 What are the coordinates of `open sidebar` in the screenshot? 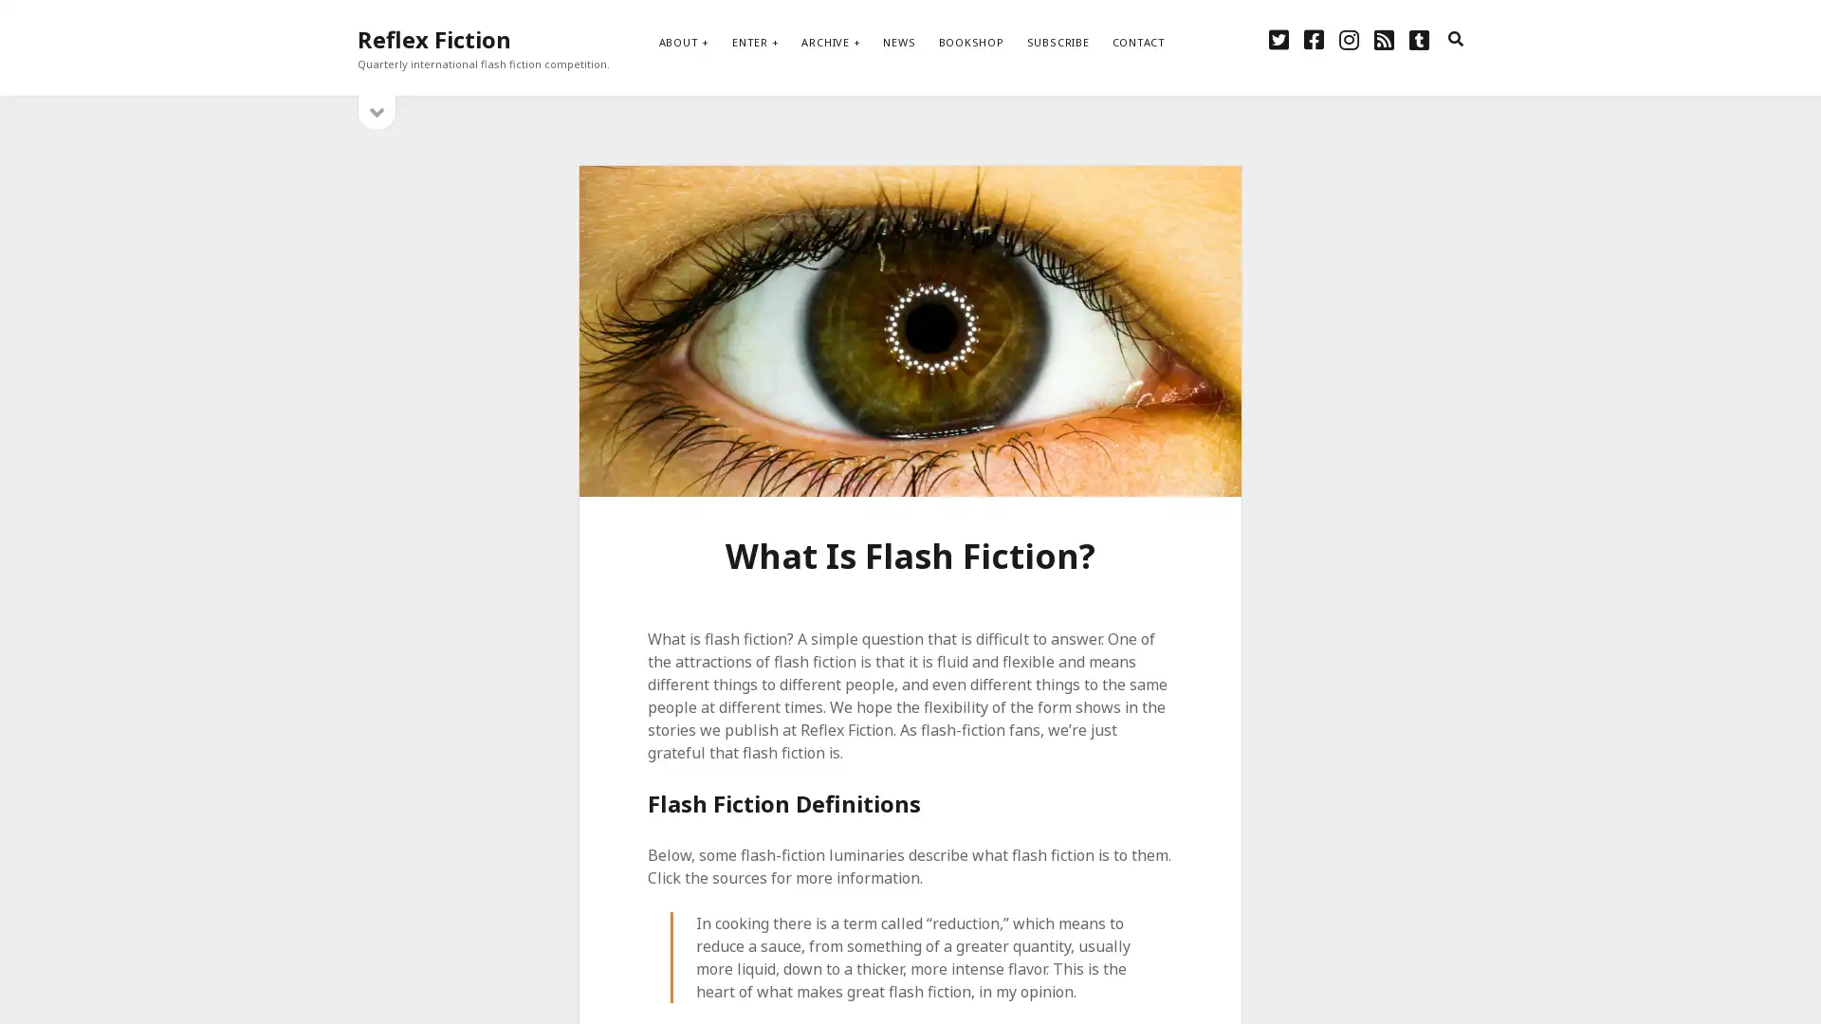 It's located at (376, 113).